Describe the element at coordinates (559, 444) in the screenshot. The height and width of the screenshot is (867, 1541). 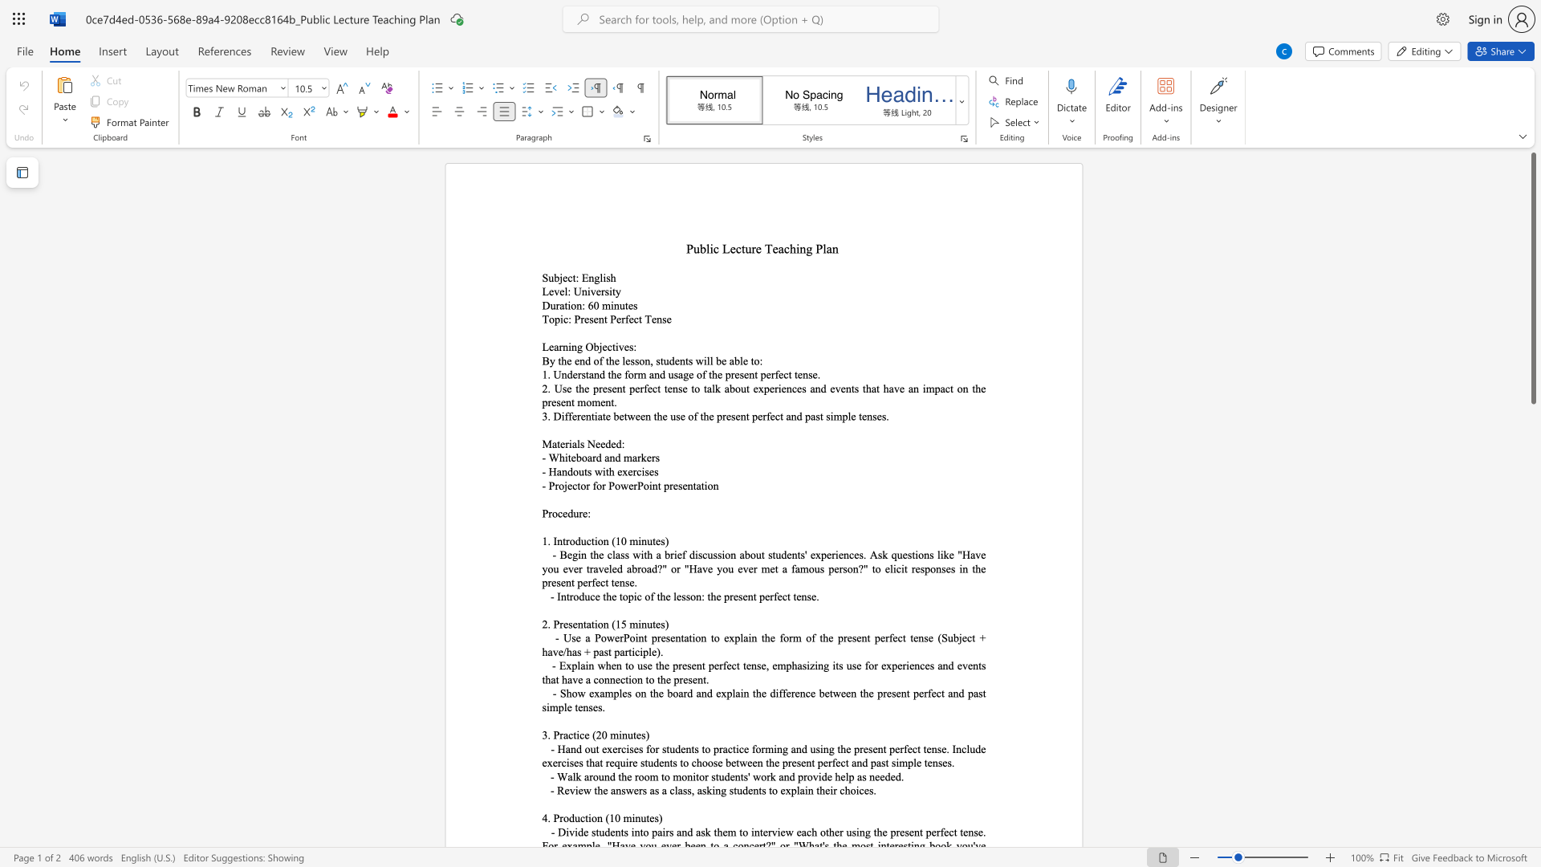
I see `the 1th character "t" in the text` at that location.